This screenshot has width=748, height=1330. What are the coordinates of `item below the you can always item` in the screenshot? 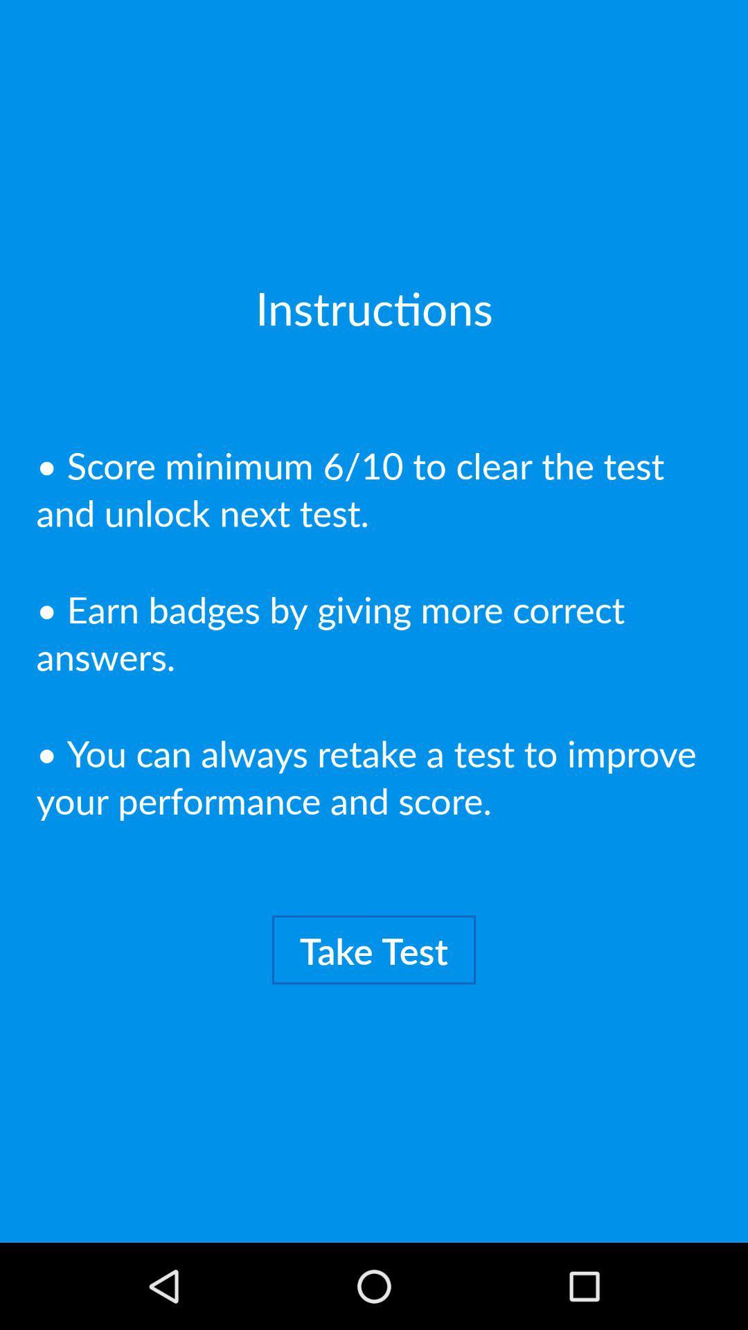 It's located at (374, 949).